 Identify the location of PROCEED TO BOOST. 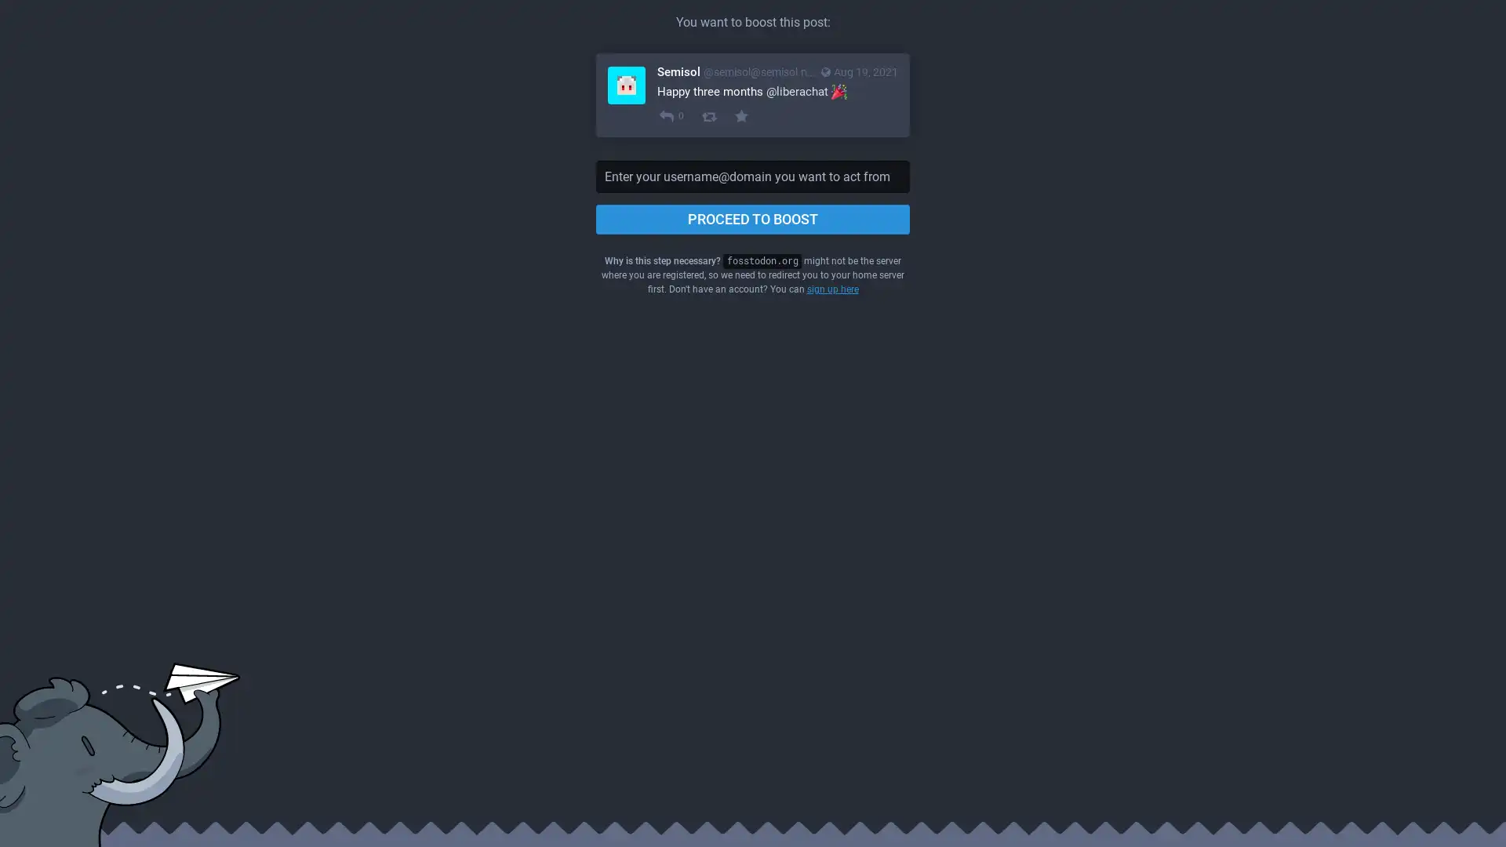
(753, 220).